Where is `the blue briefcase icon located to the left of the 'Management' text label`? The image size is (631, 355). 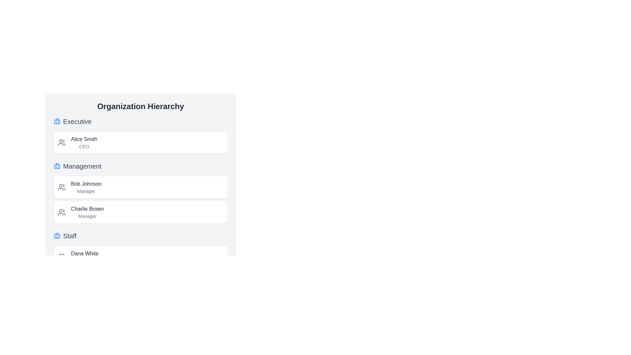
the blue briefcase icon located to the left of the 'Management' text label is located at coordinates (57, 166).